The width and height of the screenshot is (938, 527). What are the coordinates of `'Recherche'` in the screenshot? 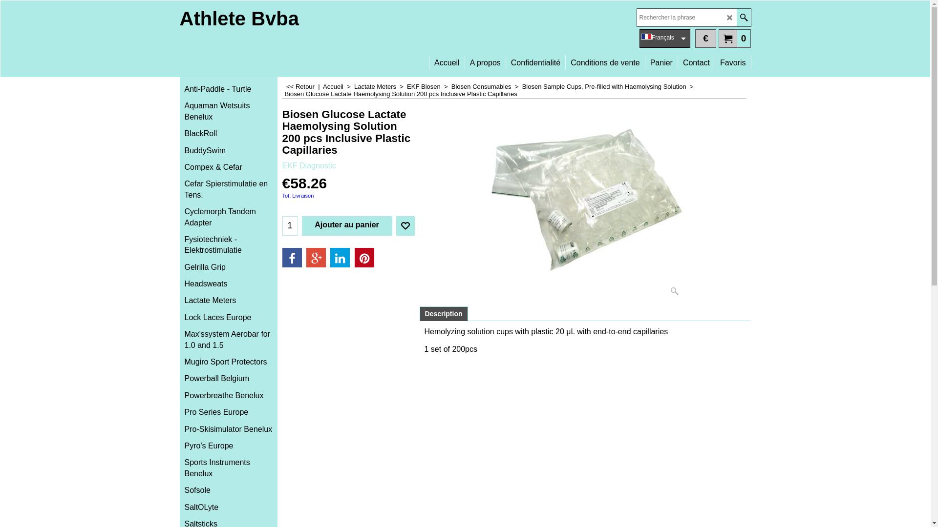 It's located at (736, 17).